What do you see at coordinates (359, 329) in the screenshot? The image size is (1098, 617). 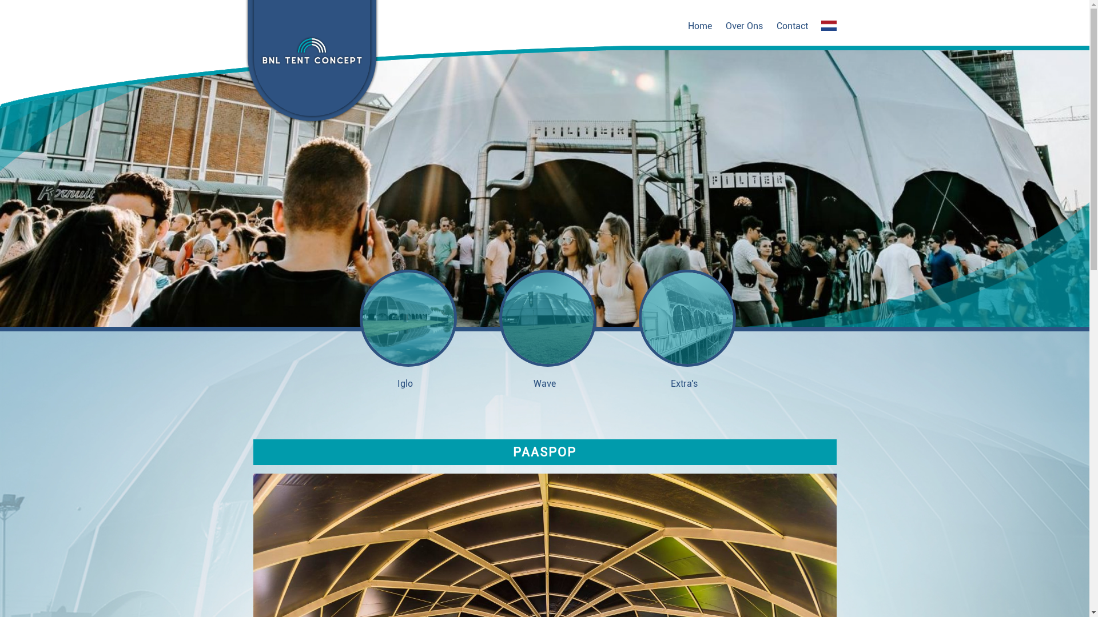 I see `'Iglo'` at bounding box center [359, 329].